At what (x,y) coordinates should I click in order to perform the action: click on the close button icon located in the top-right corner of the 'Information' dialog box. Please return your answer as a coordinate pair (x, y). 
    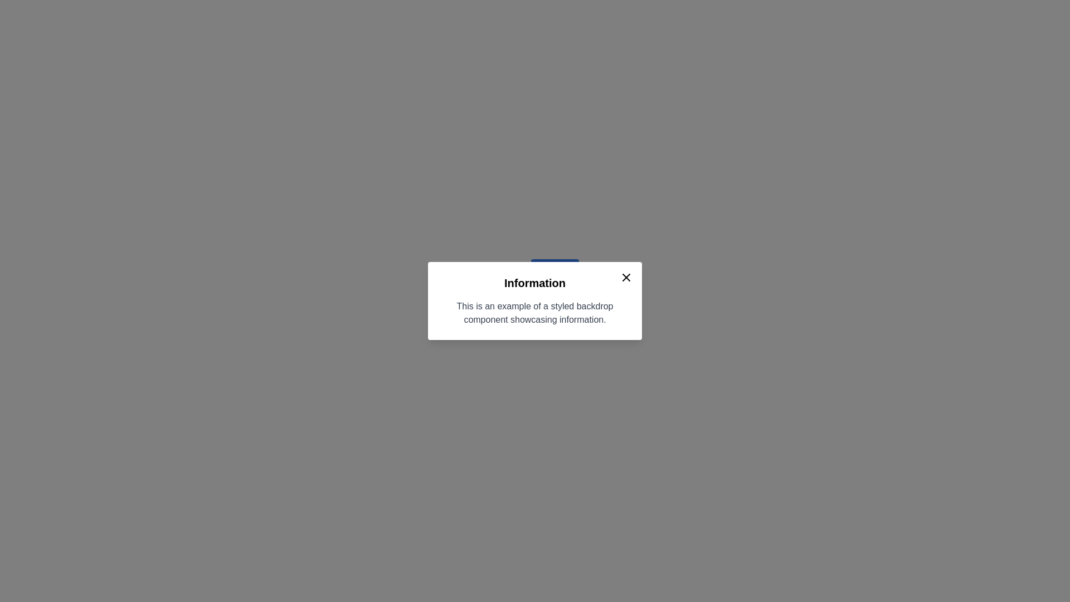
    Looking at the image, I should click on (626, 276).